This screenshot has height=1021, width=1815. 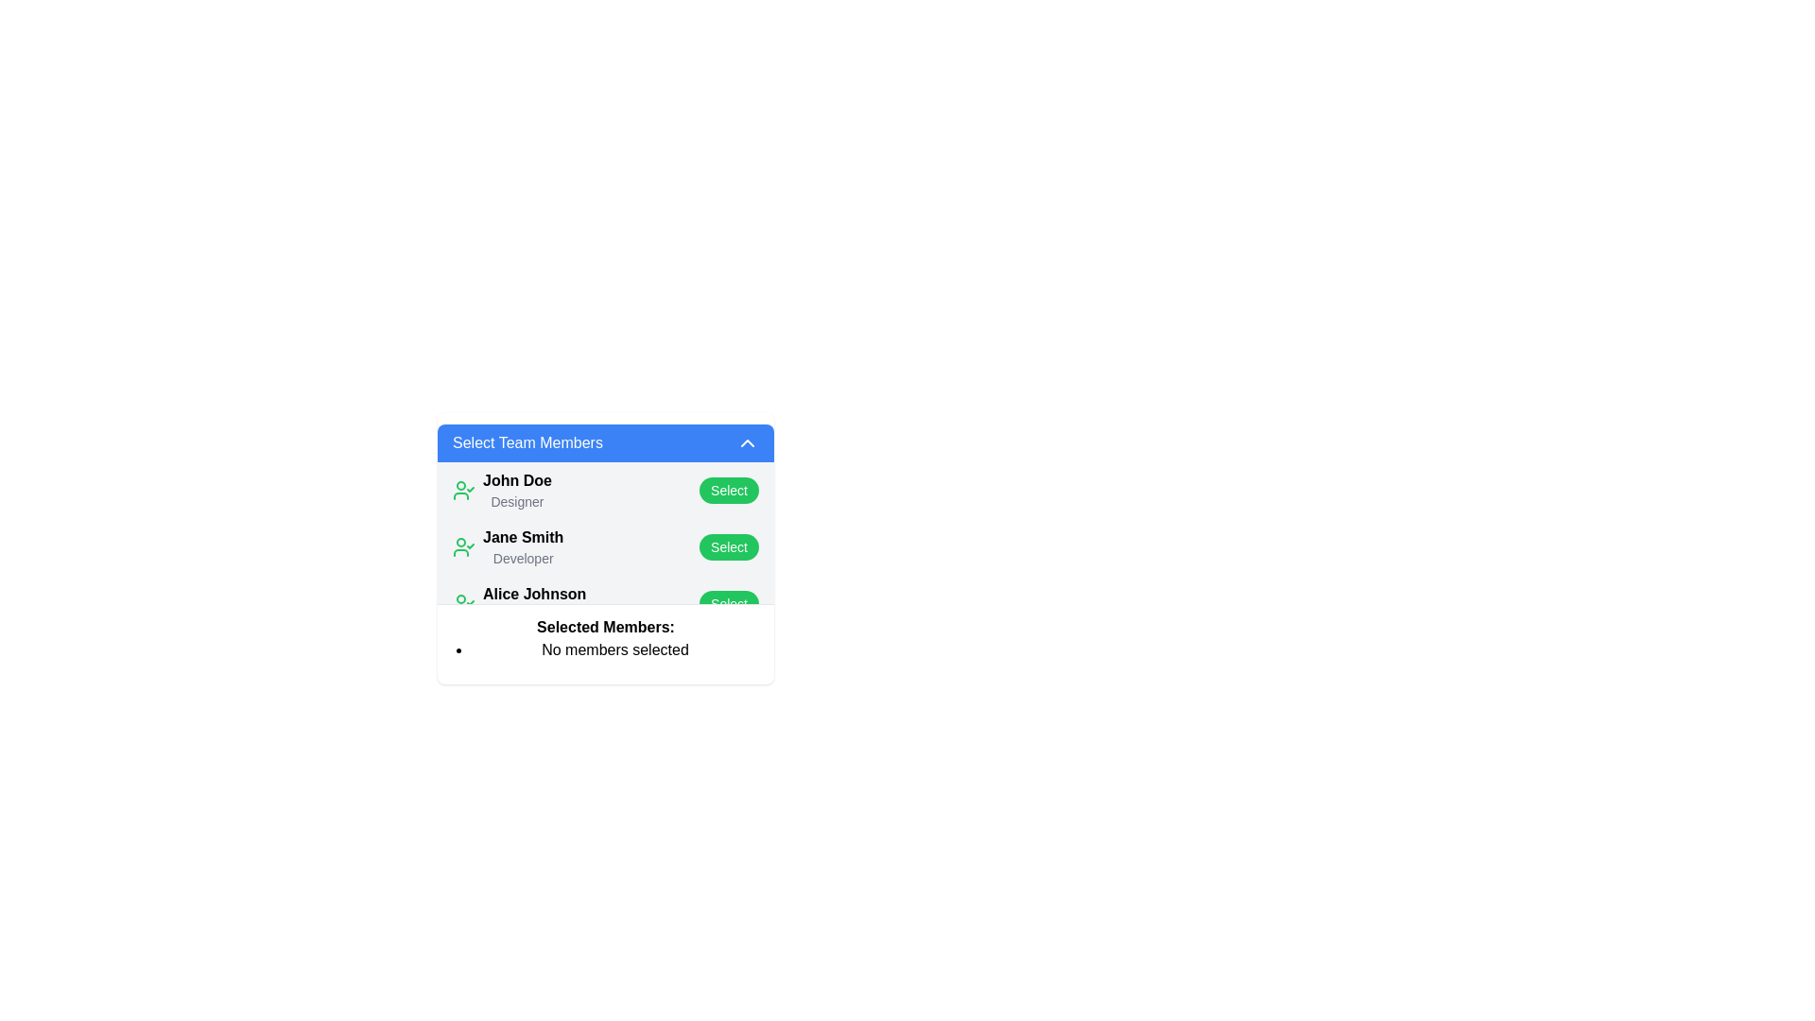 I want to click on the upward-pointing chevron icon located to the far right of the blue header bar labeled 'Select Team Members', so click(x=747, y=443).